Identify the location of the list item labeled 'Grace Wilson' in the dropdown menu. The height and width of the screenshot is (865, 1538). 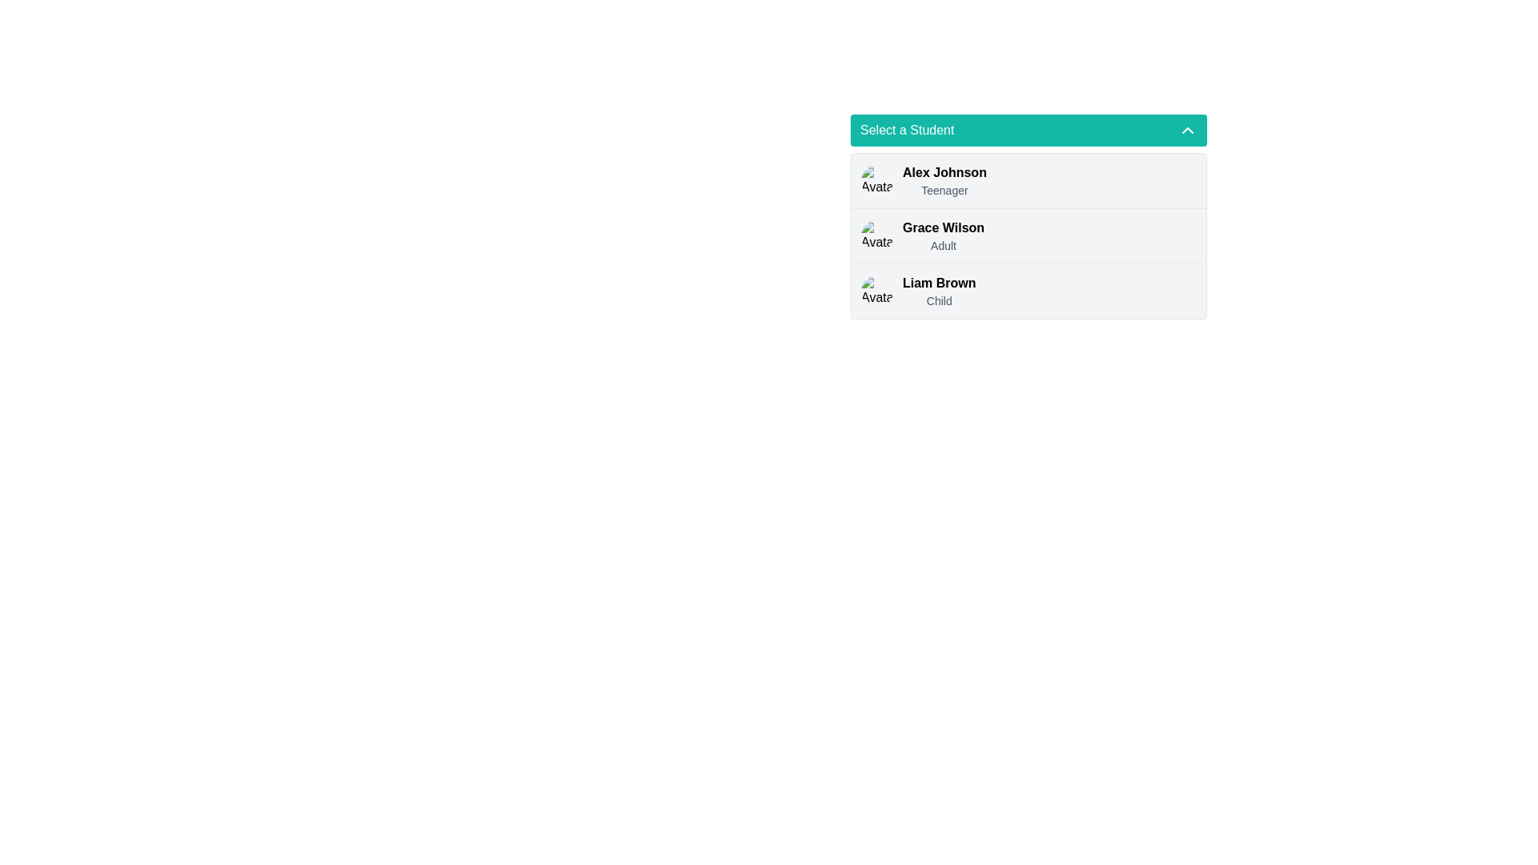
(1029, 216).